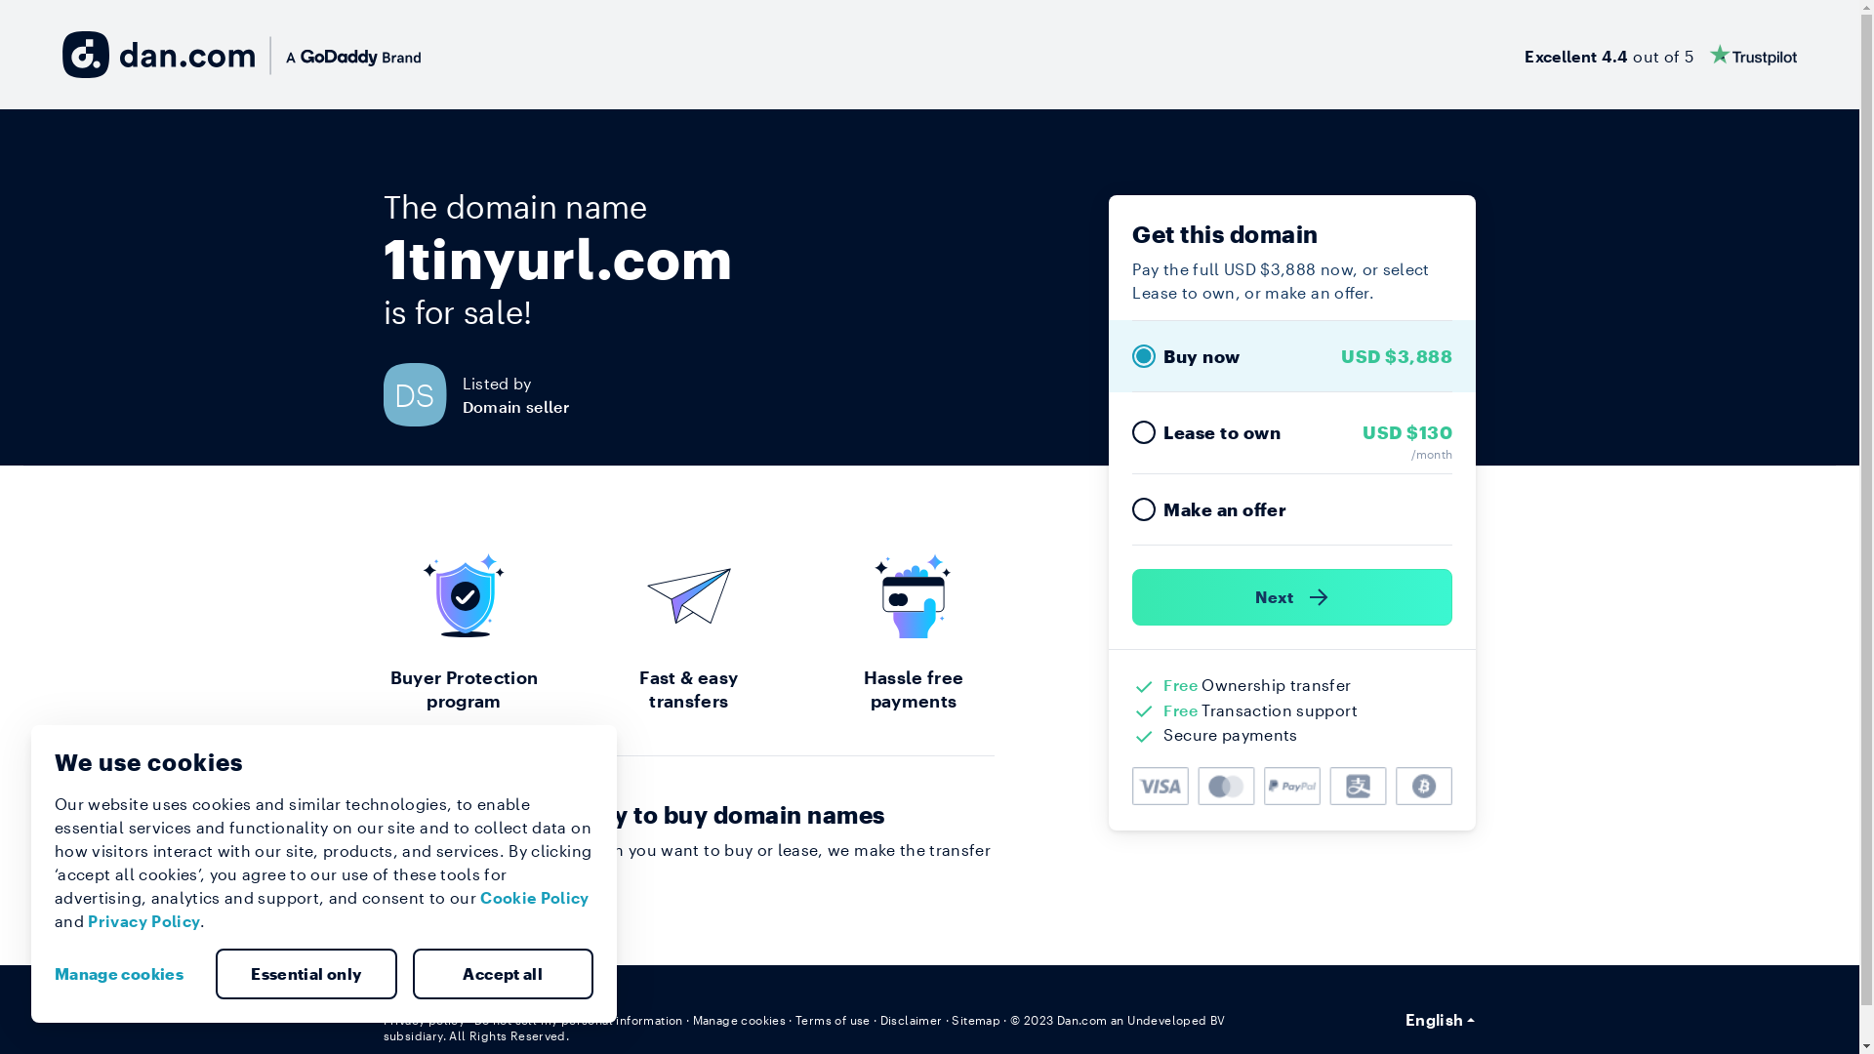 The height and width of the screenshot is (1054, 1874). Describe the element at coordinates (739, 1019) in the screenshot. I see `'Manage cookies'` at that location.